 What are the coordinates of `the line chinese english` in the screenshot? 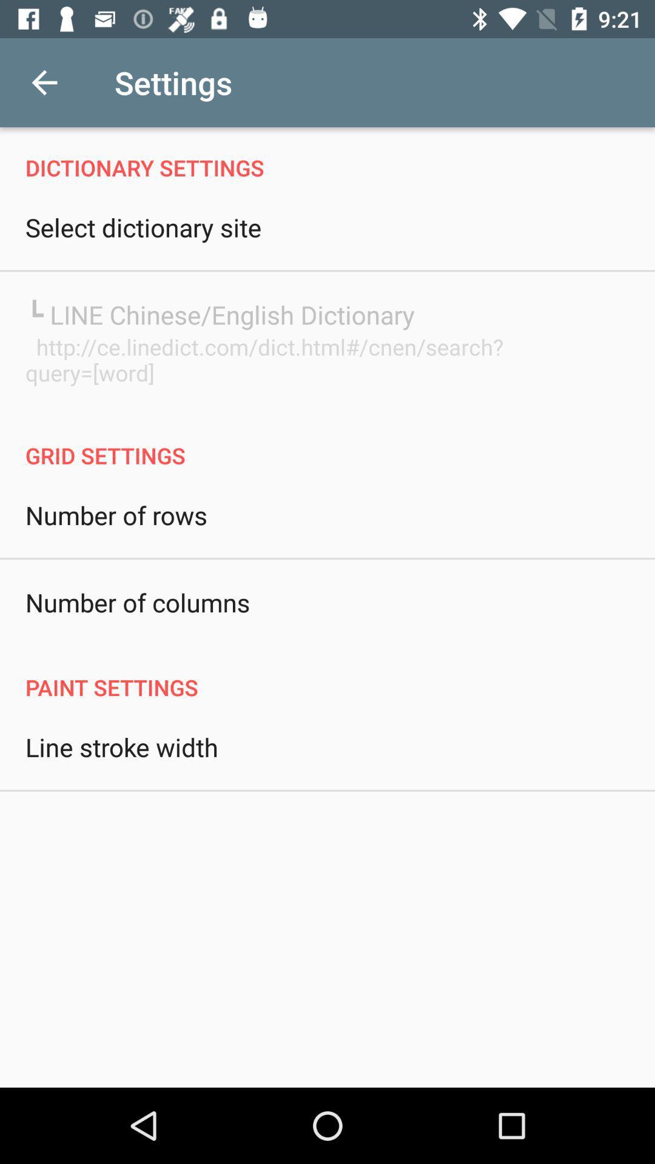 It's located at (220, 314).